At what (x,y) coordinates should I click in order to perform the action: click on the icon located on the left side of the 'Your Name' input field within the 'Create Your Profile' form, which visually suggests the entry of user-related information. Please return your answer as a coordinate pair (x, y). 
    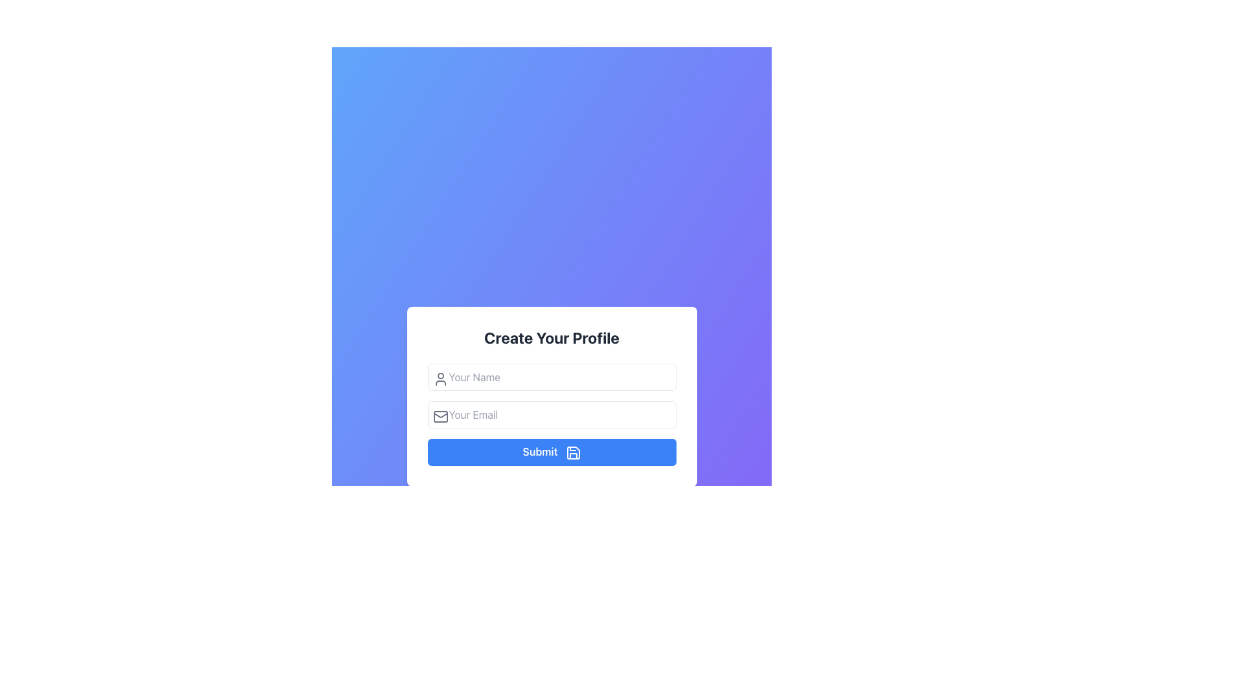
    Looking at the image, I should click on (440, 379).